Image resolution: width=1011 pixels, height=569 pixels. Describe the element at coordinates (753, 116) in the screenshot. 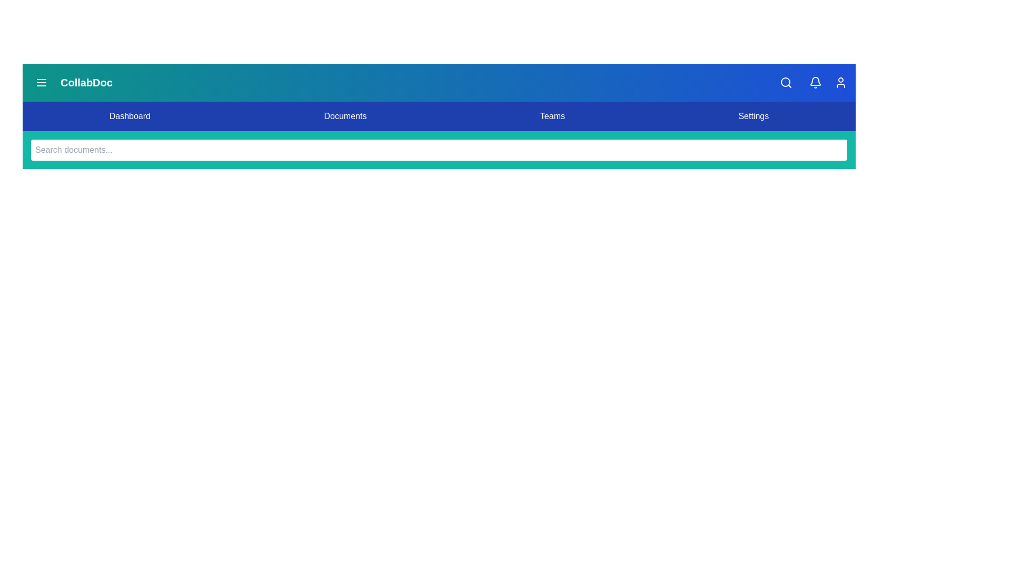

I see `the navigation item Settings from the menu` at that location.